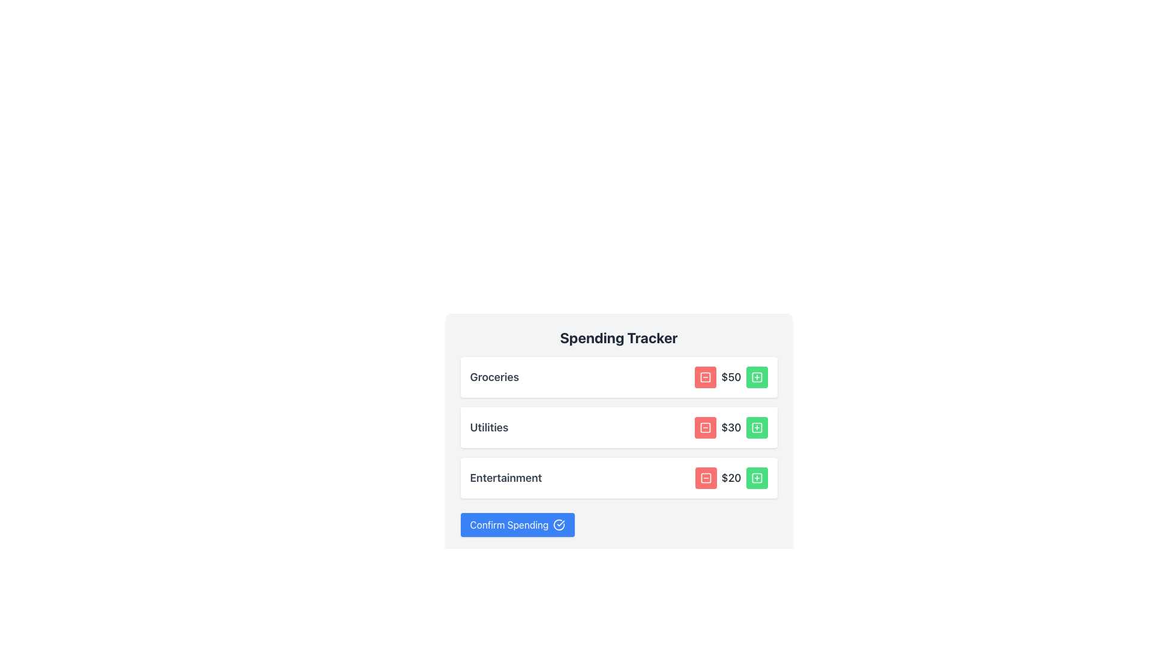 The image size is (1152, 648). I want to click on the static text label displaying the current allocated amount for 'Groceries' in the 'Spending Tracker', so click(730, 376).